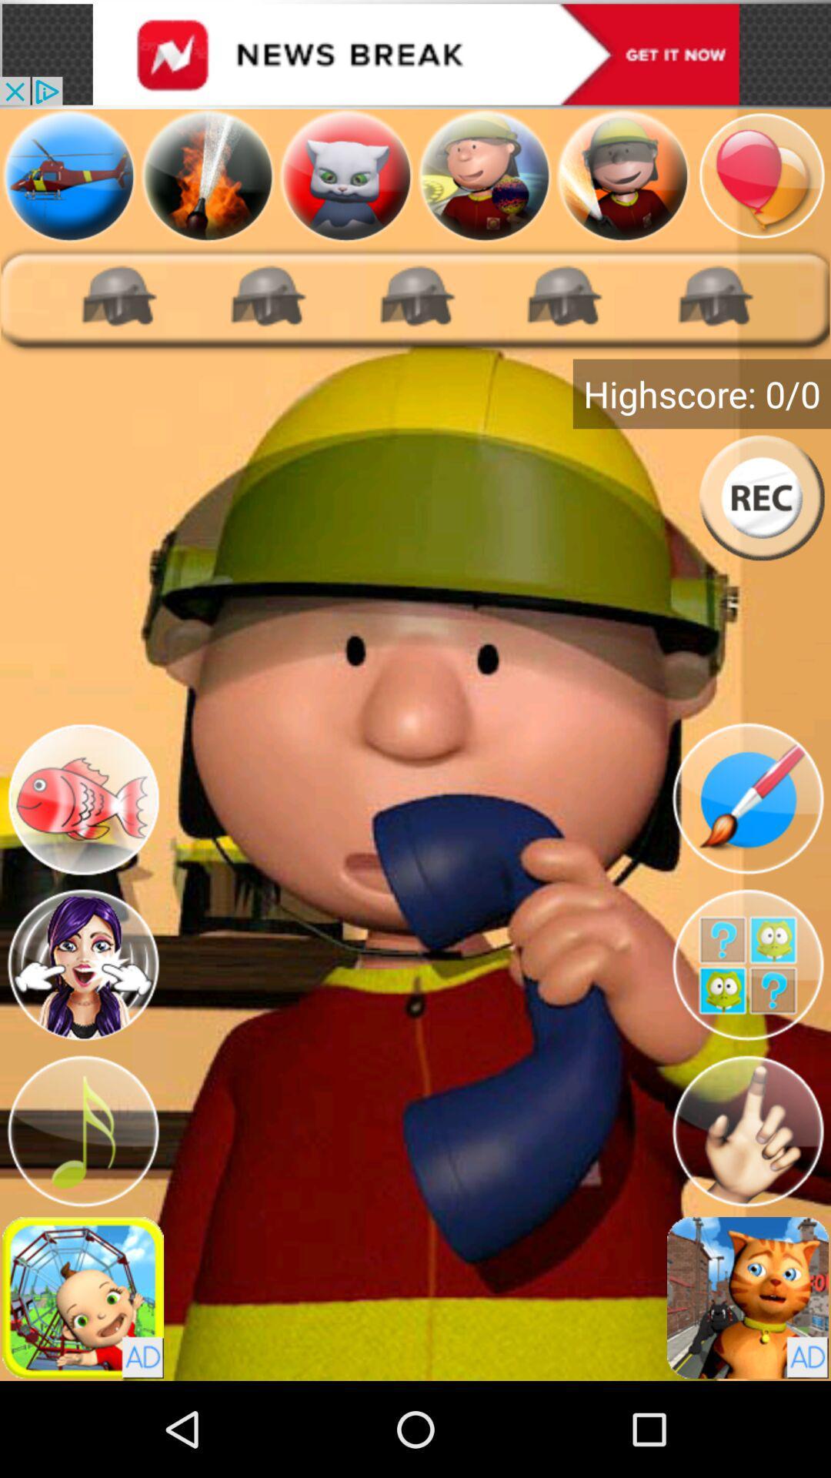 The width and height of the screenshot is (831, 1478). Describe the element at coordinates (83, 1131) in the screenshot. I see `choose music` at that location.